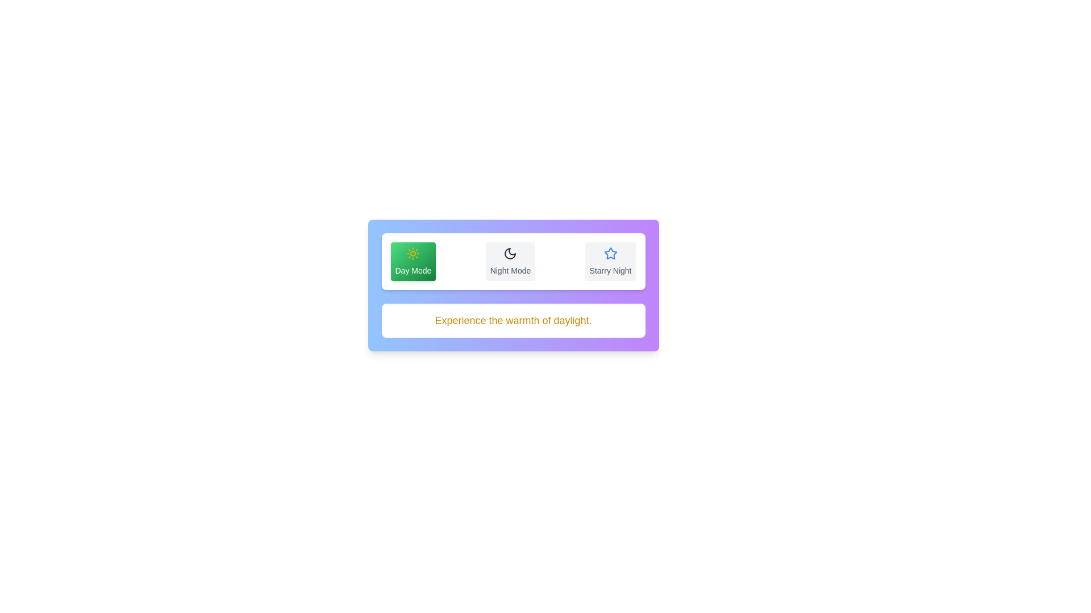 The height and width of the screenshot is (613, 1091). I want to click on the star-shaped icon with a blue outline located to the right of the 'Night Mode' section and above the label 'Starry Night', so click(610, 253).